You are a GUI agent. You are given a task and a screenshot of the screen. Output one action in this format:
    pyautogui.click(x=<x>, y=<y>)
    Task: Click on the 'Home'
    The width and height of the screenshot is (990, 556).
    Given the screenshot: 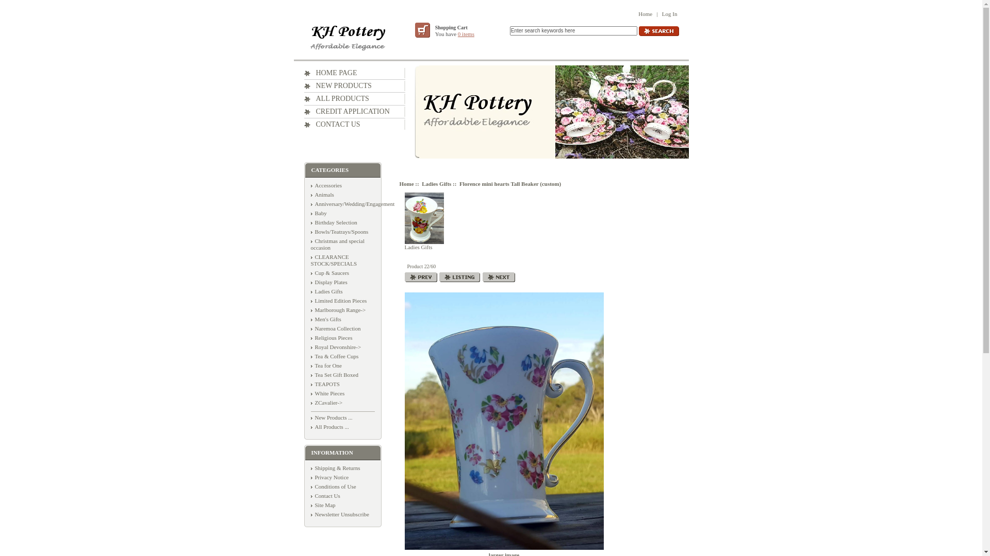 What is the action you would take?
    pyautogui.click(x=645, y=14)
    